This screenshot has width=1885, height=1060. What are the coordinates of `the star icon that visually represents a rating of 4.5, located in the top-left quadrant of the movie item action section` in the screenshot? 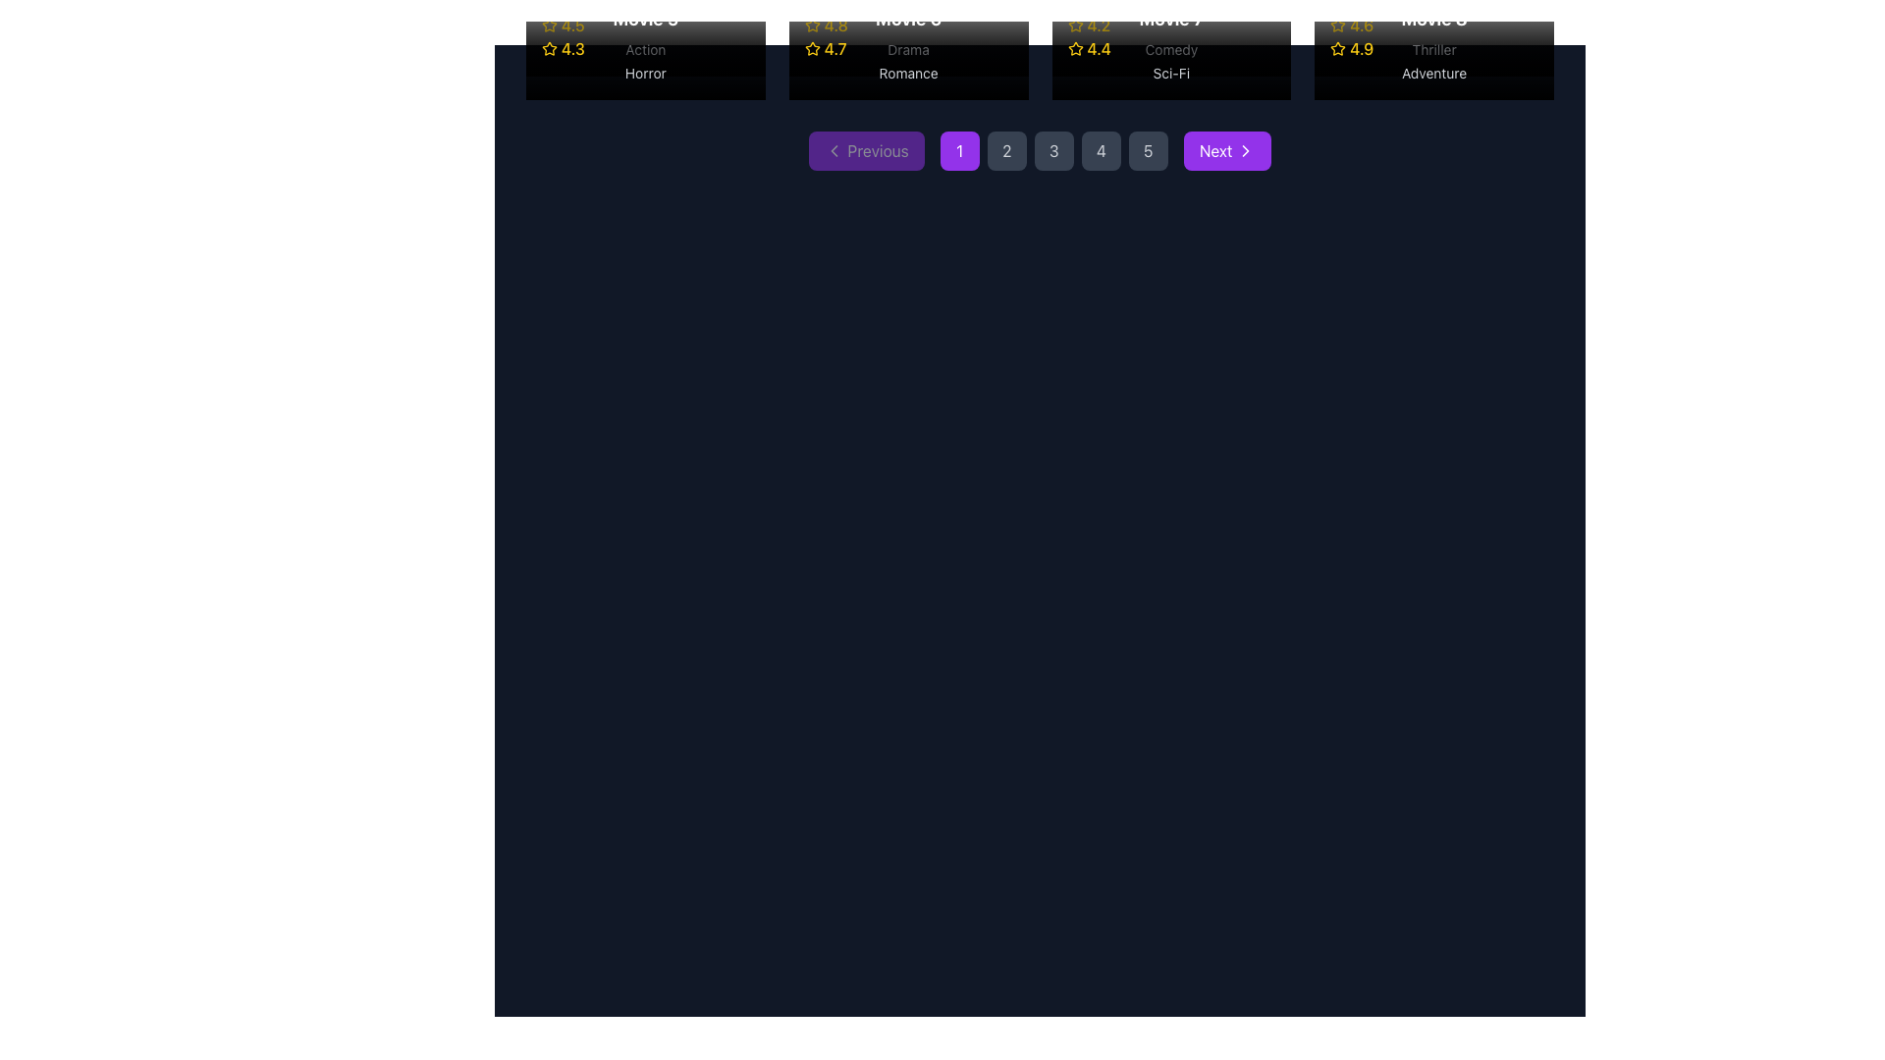 It's located at (550, 26).